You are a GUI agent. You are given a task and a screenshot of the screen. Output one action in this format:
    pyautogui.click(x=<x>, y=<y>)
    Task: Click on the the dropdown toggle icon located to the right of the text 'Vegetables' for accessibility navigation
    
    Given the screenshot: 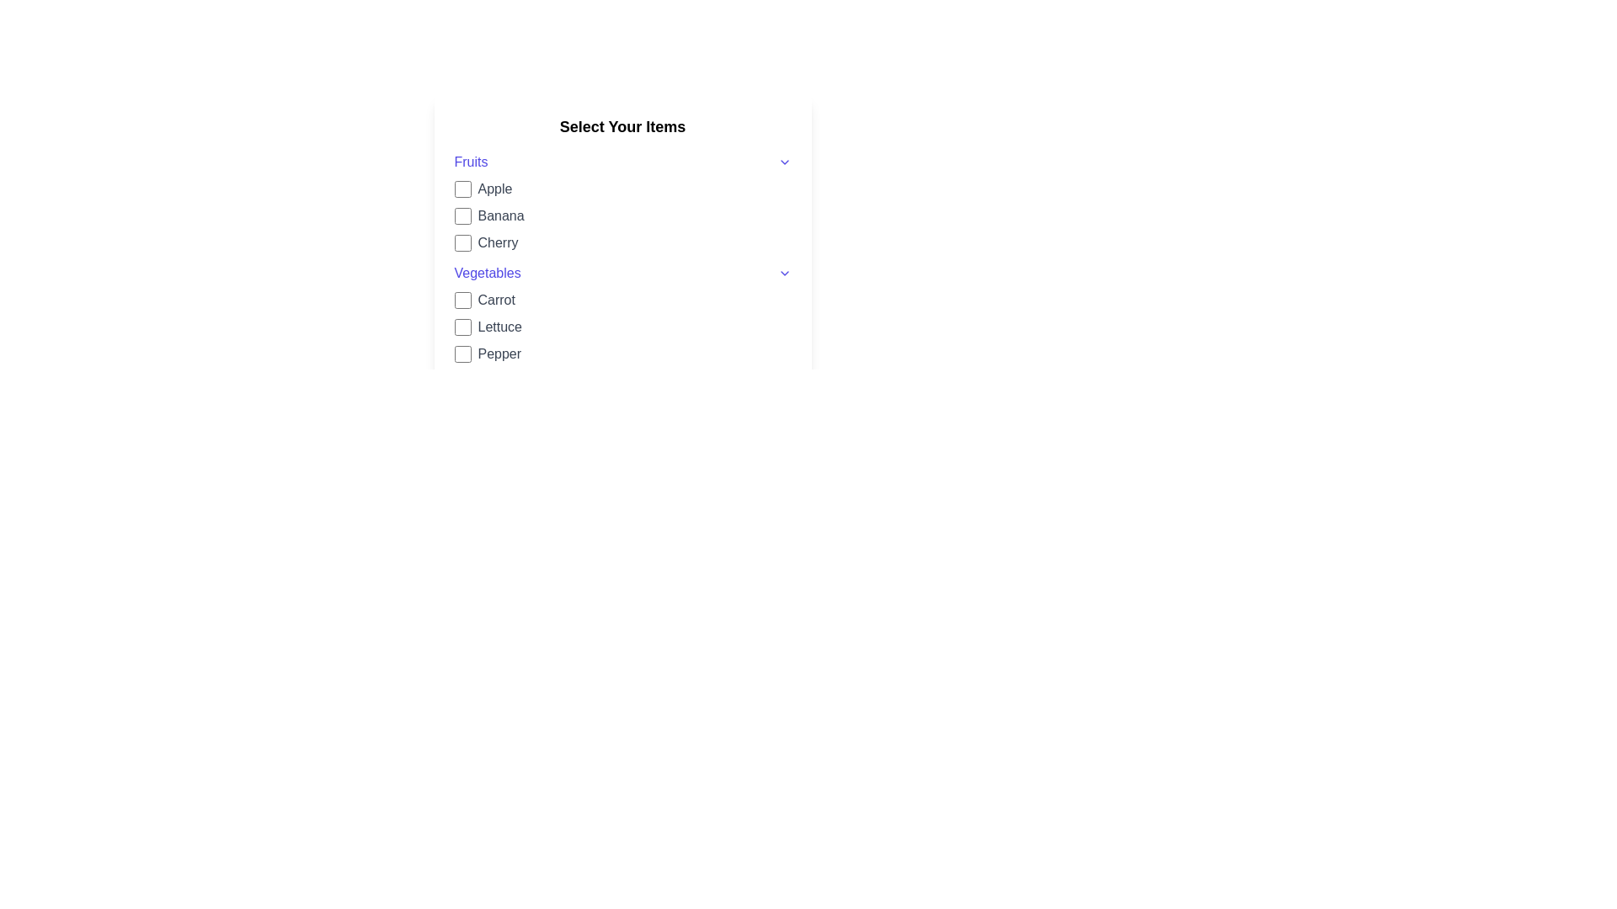 What is the action you would take?
    pyautogui.click(x=783, y=272)
    